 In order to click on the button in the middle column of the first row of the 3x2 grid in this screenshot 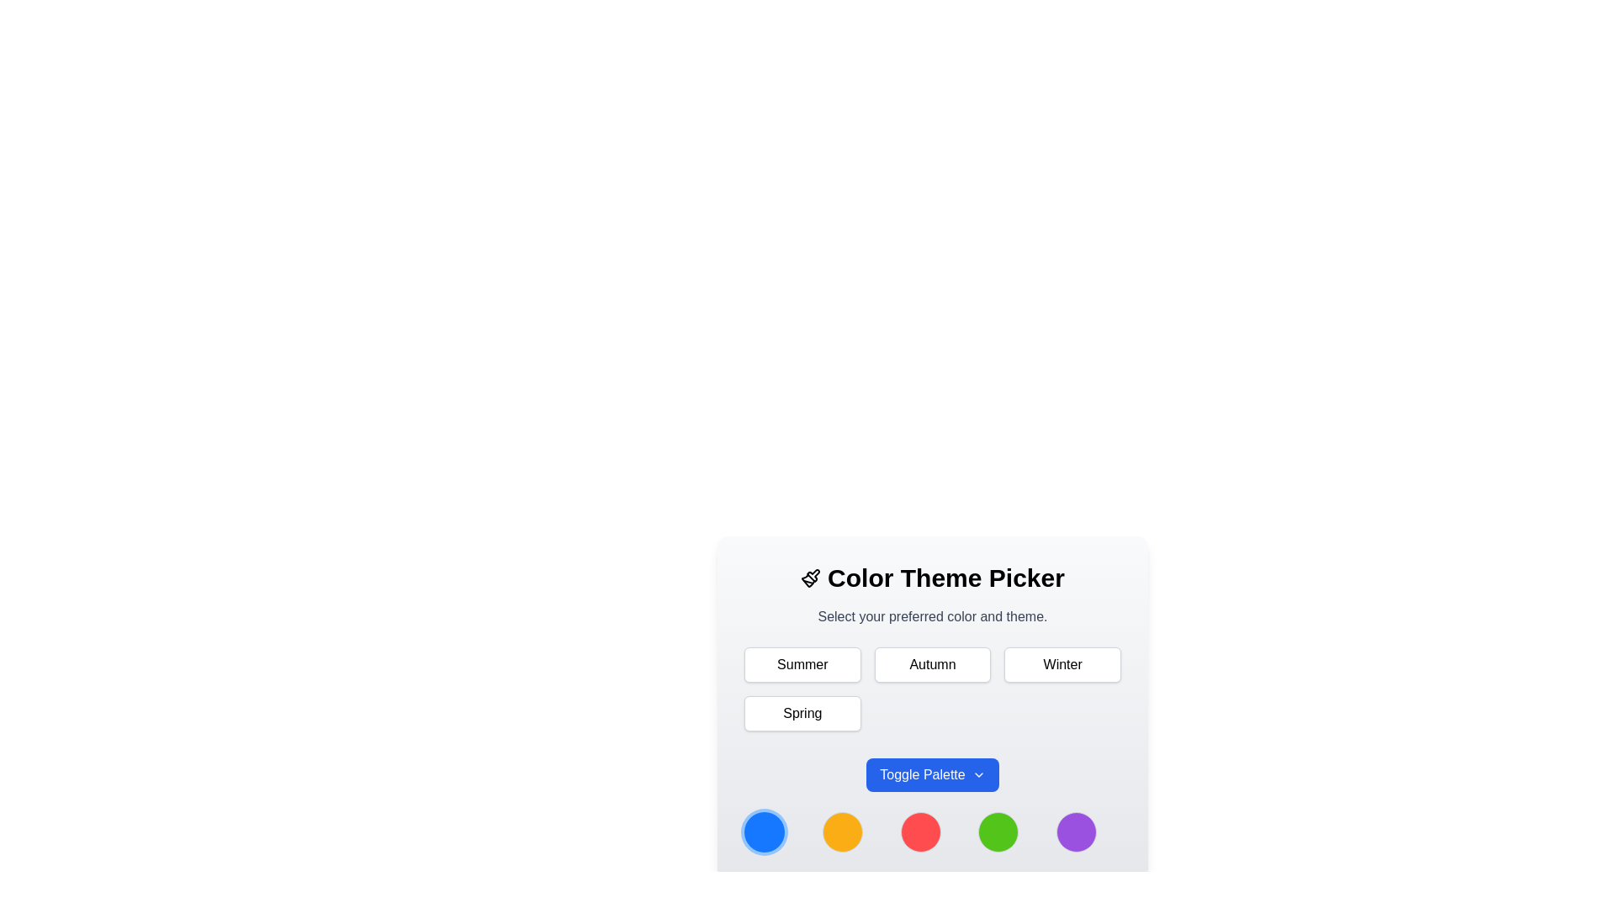, I will do `click(931, 663)`.